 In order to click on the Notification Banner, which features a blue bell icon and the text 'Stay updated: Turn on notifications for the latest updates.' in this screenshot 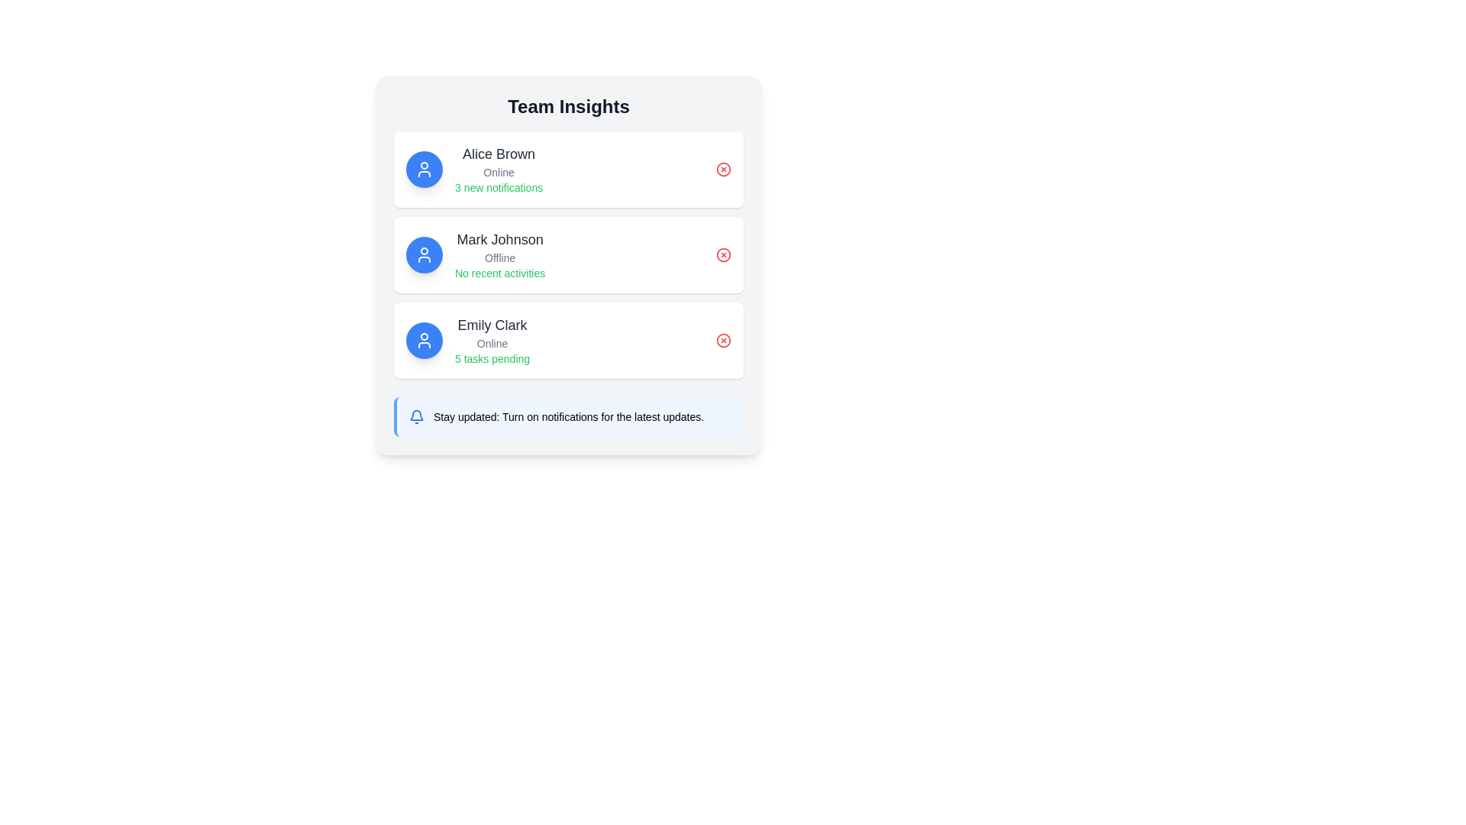, I will do `click(570, 417)`.